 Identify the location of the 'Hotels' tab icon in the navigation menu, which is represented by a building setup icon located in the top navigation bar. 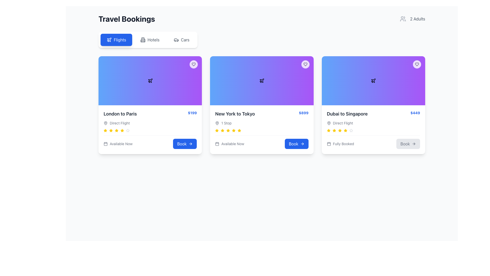
(143, 39).